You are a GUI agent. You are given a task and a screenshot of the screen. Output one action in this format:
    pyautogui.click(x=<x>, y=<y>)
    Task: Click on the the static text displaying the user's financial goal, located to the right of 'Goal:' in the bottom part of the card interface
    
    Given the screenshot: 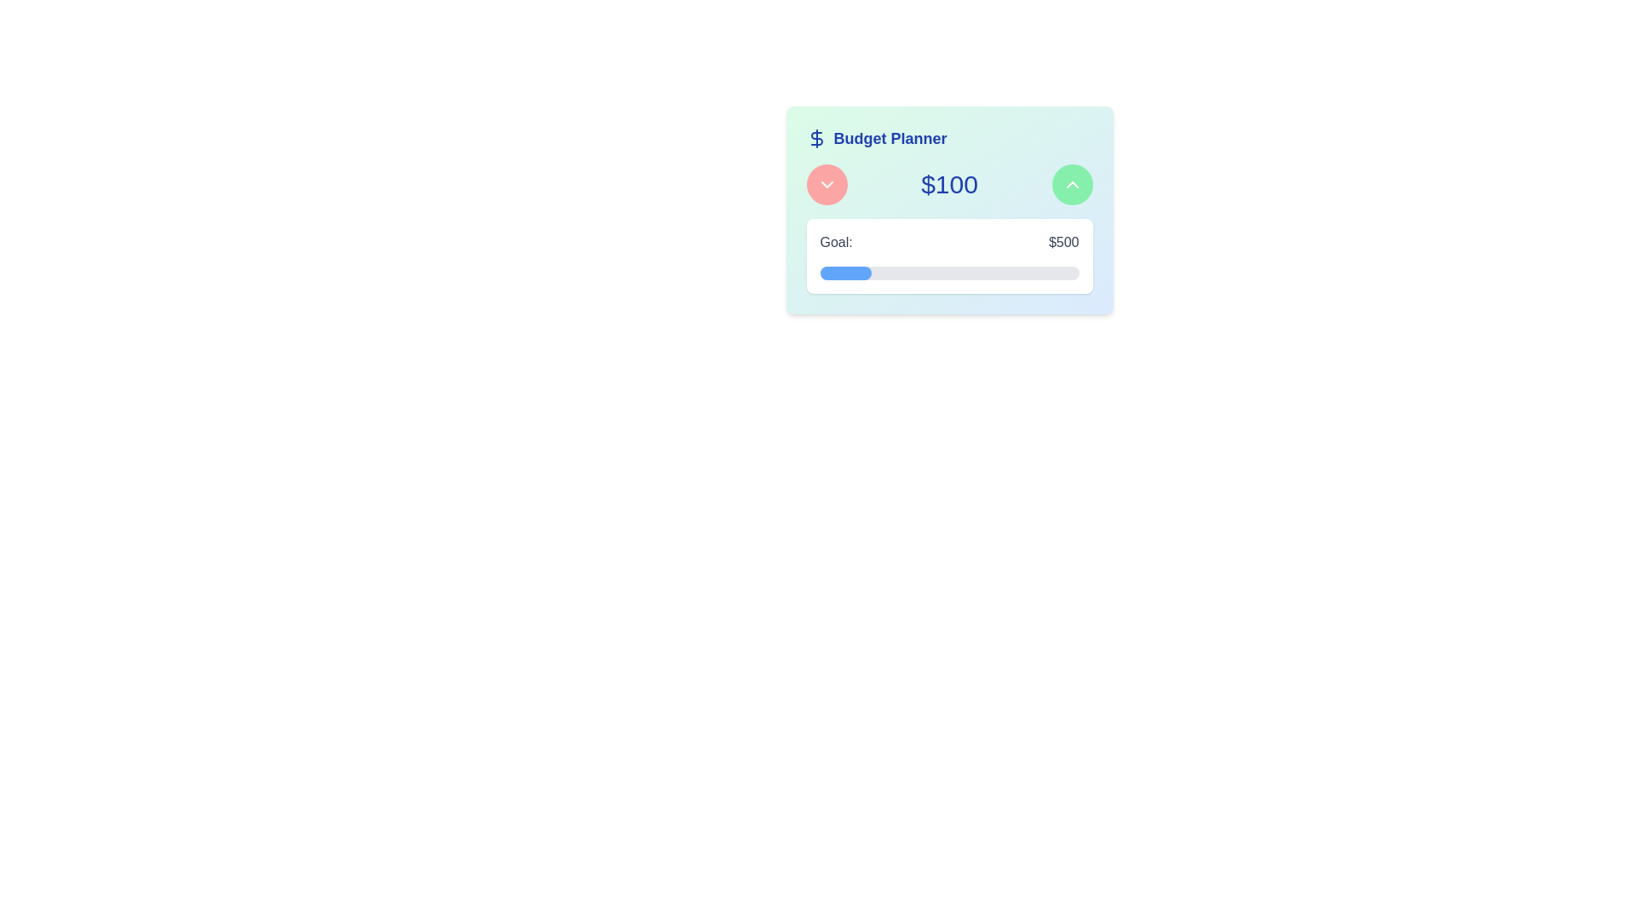 What is the action you would take?
    pyautogui.click(x=1063, y=243)
    